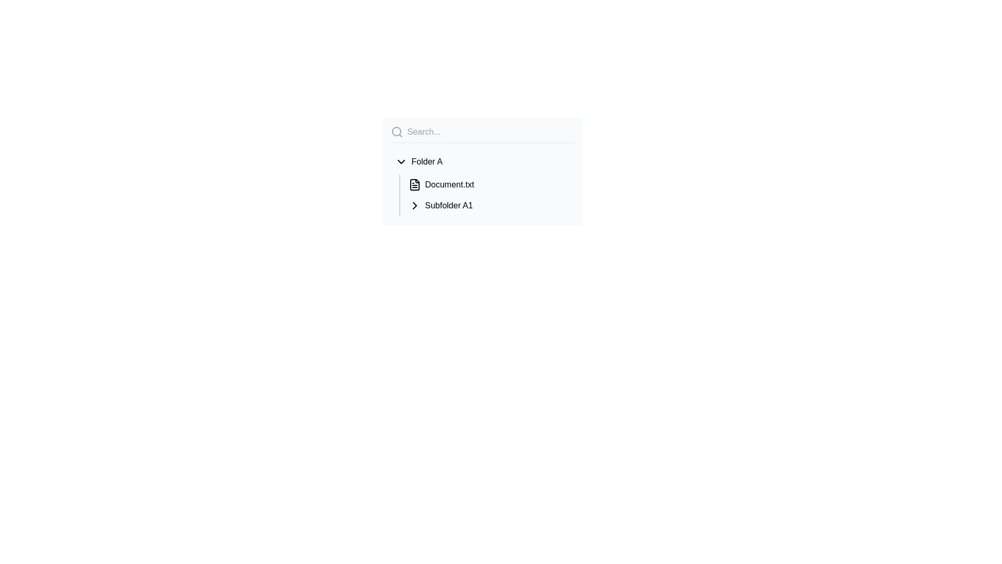 This screenshot has height=564, width=1002. I want to click on the SVG circle component that represents the lens of the search magnifying glass icon, located at the top left corner of the search input field, so click(396, 131).